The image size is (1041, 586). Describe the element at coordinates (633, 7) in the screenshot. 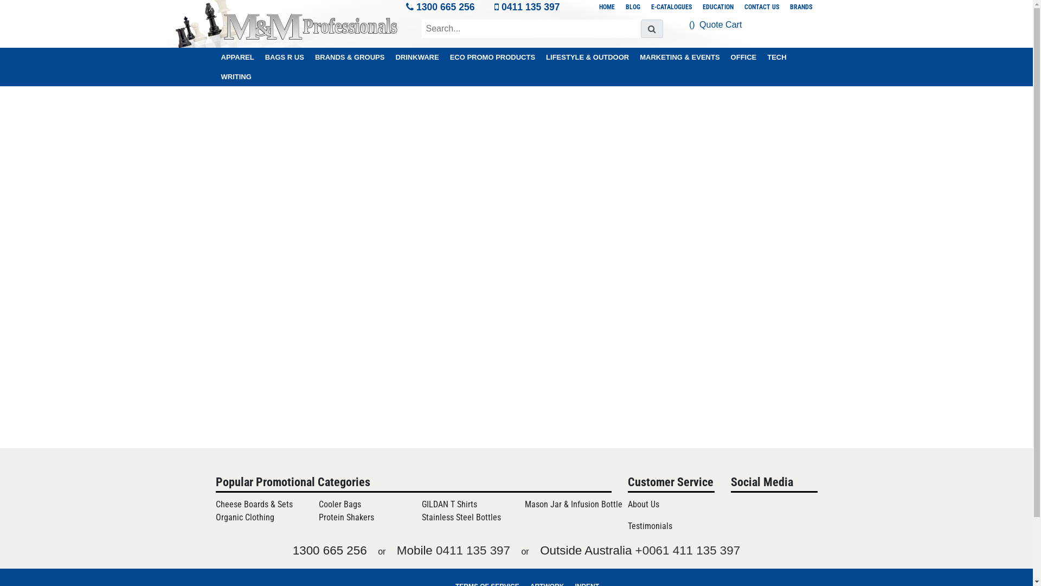

I see `'BLOG'` at that location.